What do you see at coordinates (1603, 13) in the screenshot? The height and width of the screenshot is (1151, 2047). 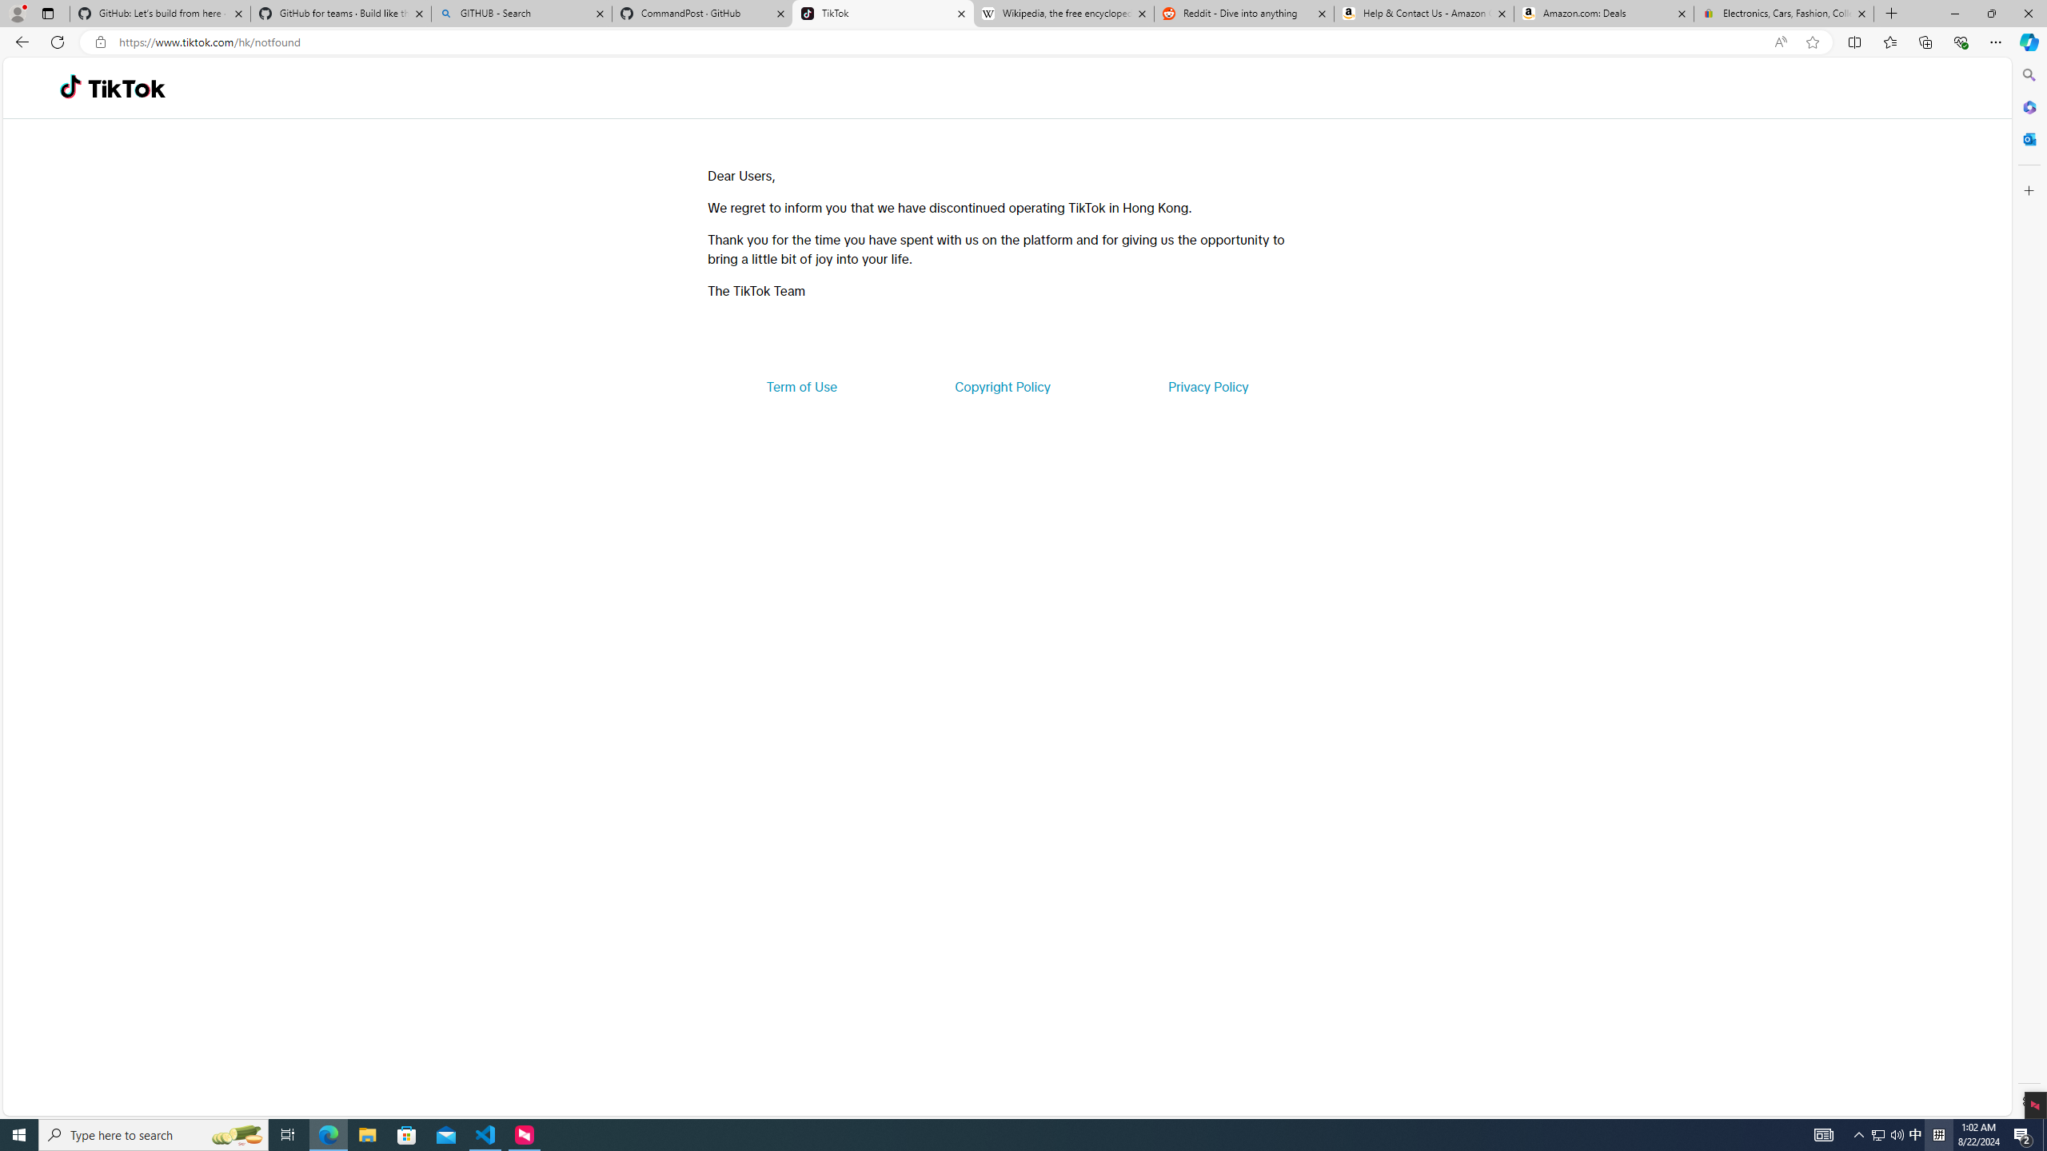 I see `'Amazon.com: Deals'` at bounding box center [1603, 13].